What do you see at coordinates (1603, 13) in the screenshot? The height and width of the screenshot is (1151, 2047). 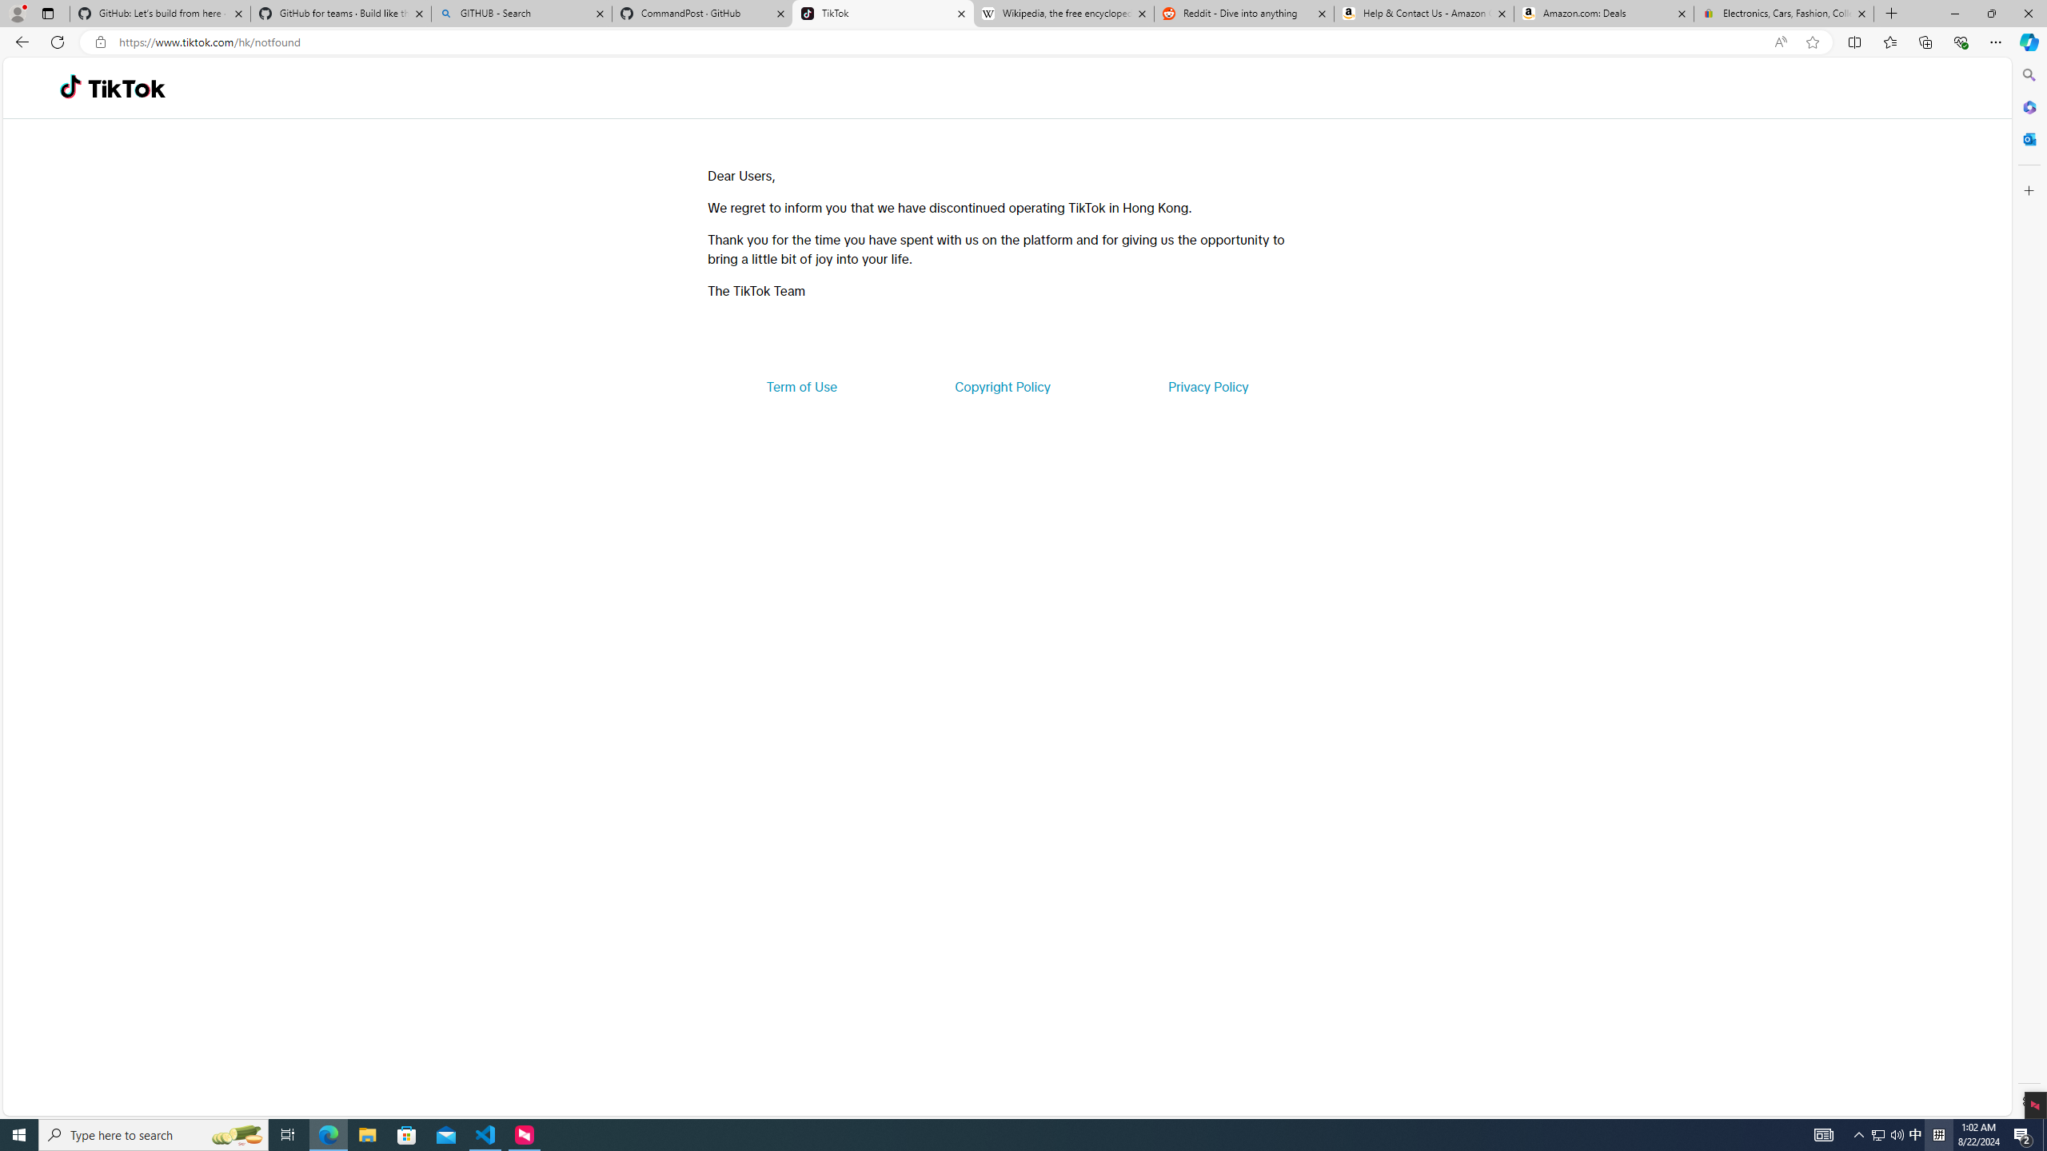 I see `'Amazon.com: Deals'` at bounding box center [1603, 13].